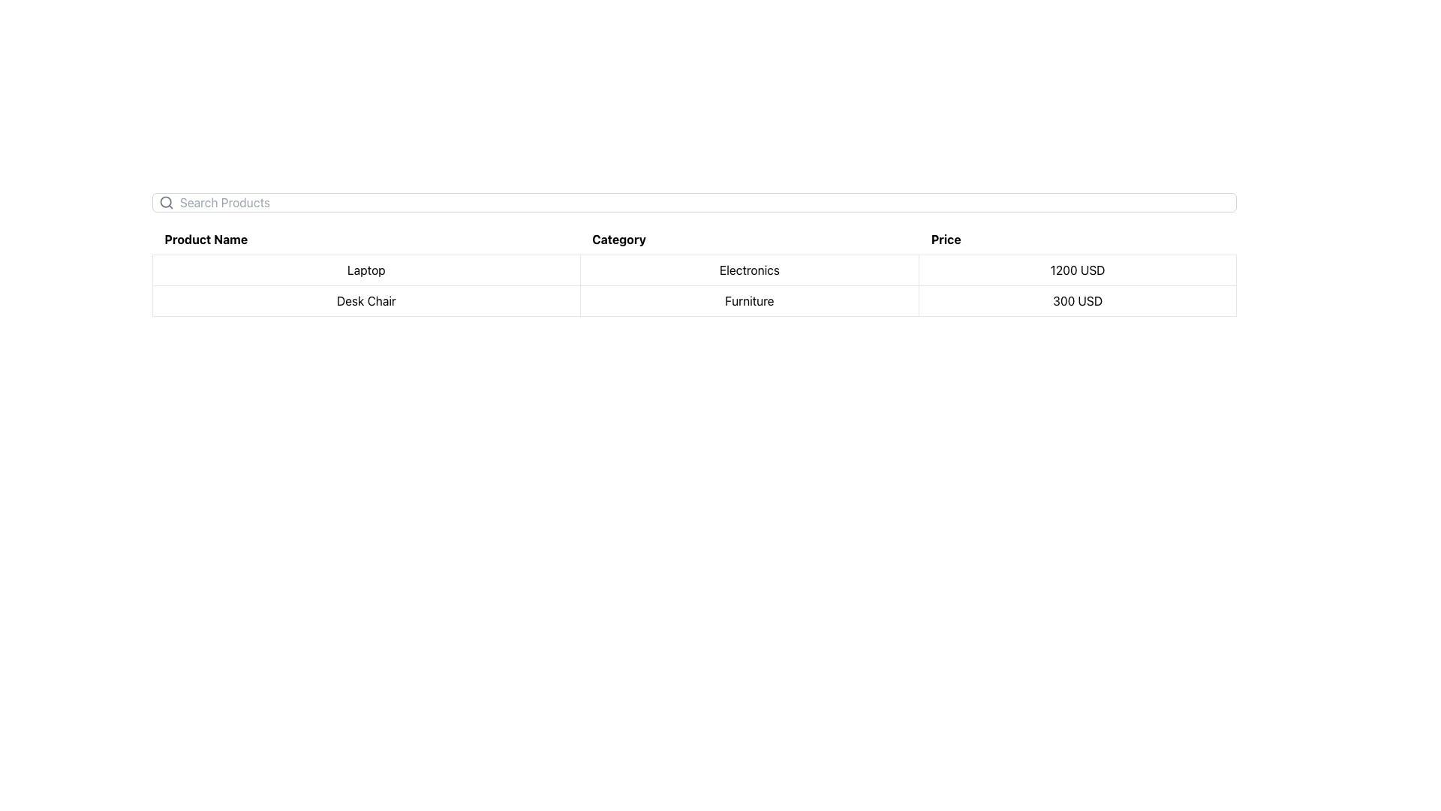  I want to click on the text label displaying '300 USD' in black font, which is the third item in the Price column of a two-row table, so click(1077, 301).